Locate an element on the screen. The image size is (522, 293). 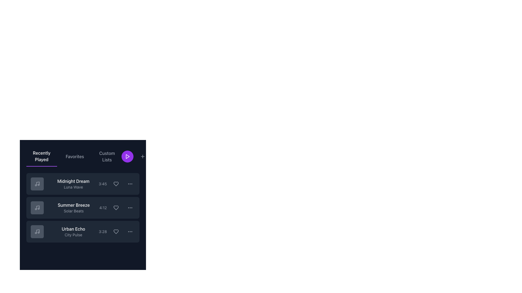
the text label displaying 'Urban Echo' in white font, which is located in the third list item under the 'Recently Played' section, above the subtitle 'City Pulse' is located at coordinates (73, 229).